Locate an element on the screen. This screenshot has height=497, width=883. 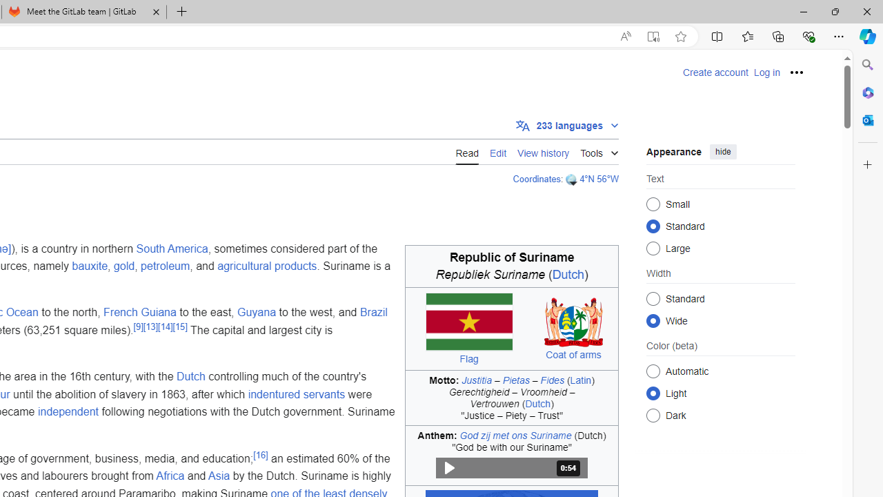
'gold' is located at coordinates (123, 266).